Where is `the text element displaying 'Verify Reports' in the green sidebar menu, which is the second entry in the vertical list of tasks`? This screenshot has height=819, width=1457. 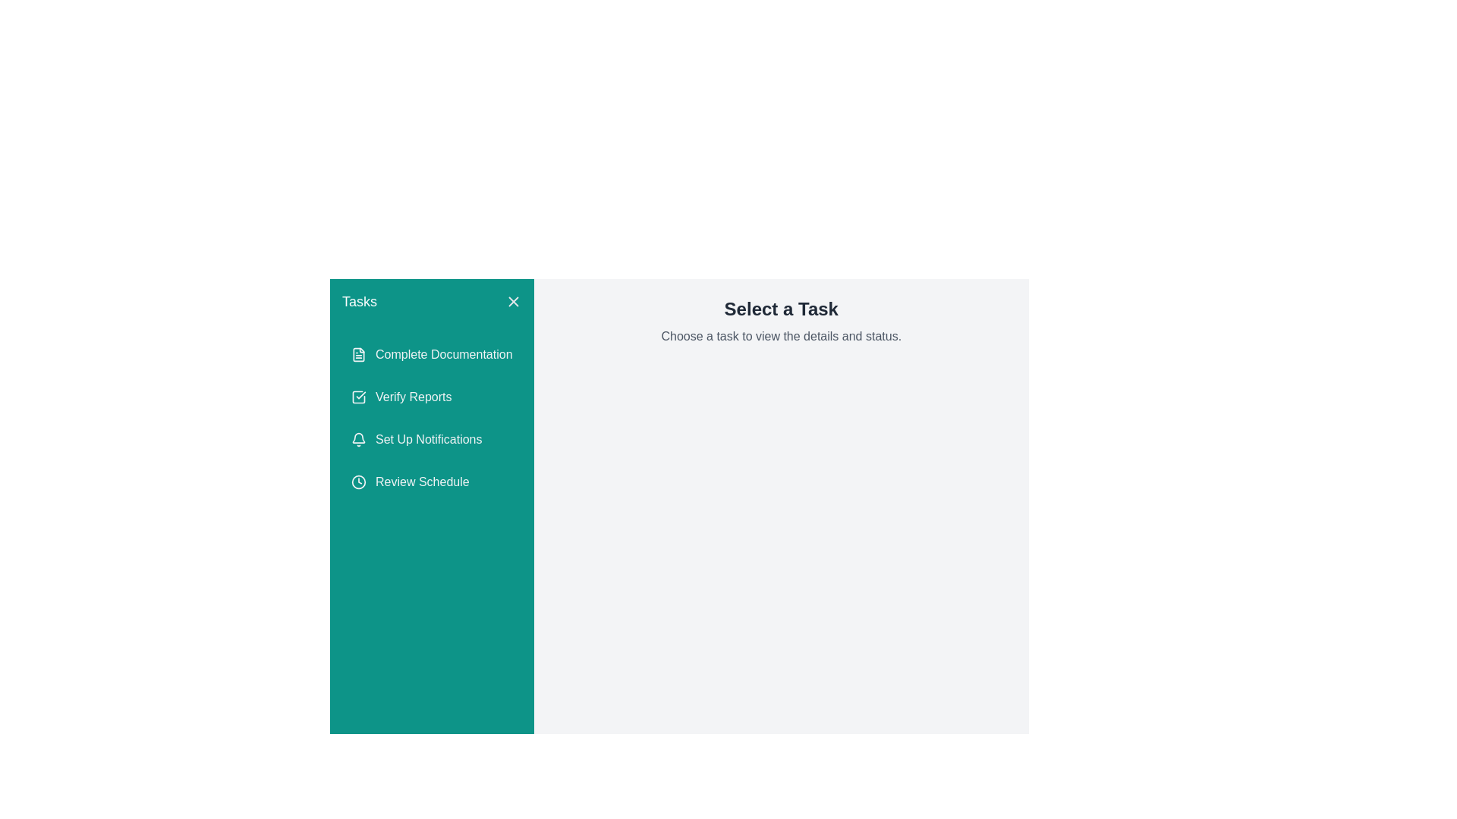
the text element displaying 'Verify Reports' in the green sidebar menu, which is the second entry in the vertical list of tasks is located at coordinates (414, 397).